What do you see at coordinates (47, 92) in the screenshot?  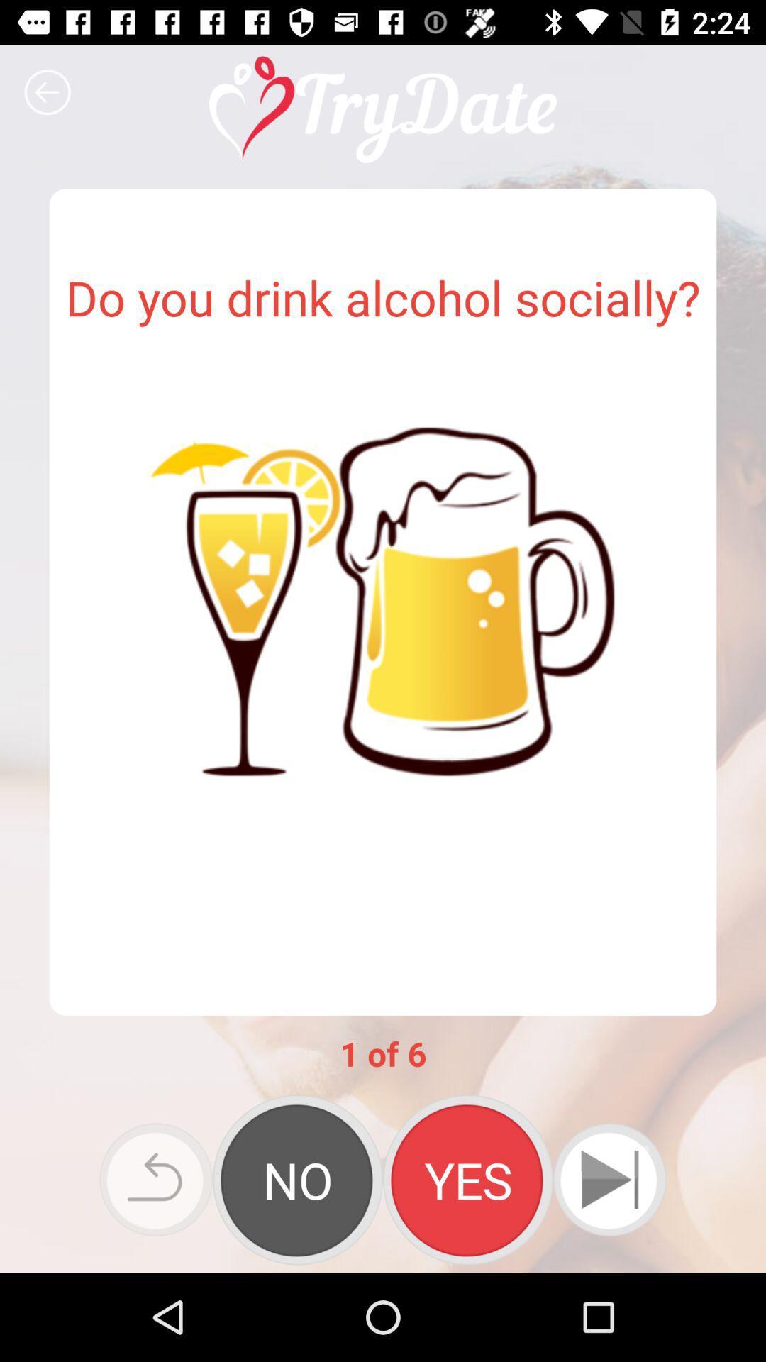 I see `go back` at bounding box center [47, 92].